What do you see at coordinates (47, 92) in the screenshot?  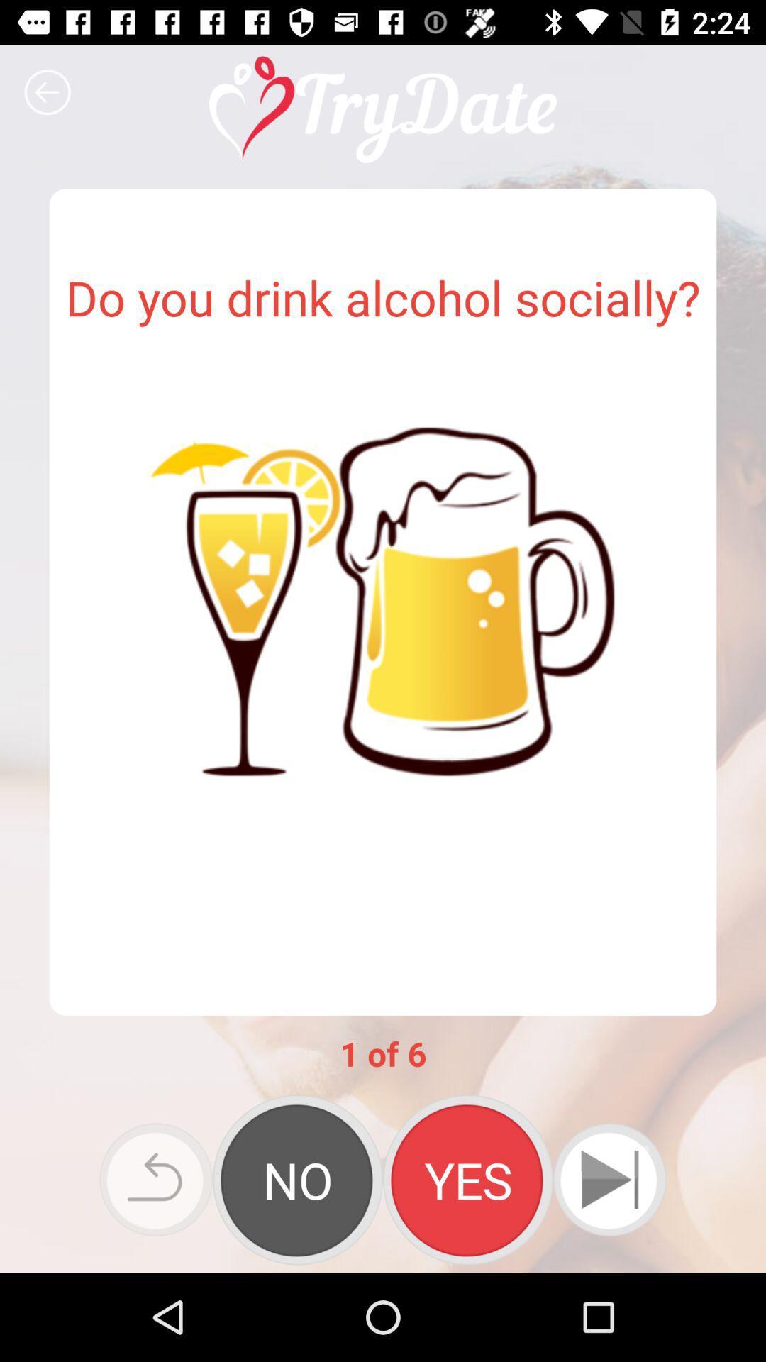 I see `go back` at bounding box center [47, 92].